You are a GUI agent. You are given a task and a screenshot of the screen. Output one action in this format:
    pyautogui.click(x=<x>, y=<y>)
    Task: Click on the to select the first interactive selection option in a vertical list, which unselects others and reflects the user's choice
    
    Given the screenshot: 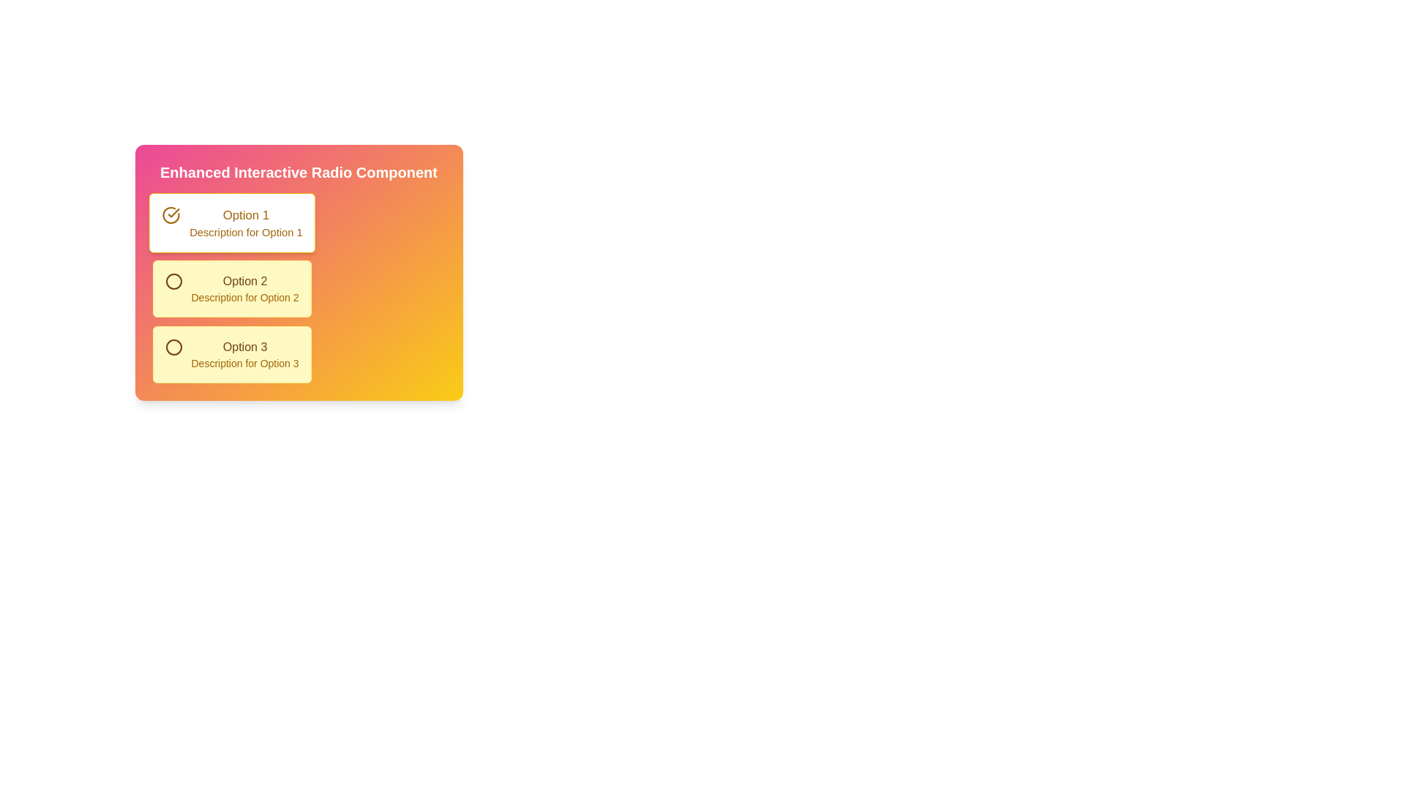 What is the action you would take?
    pyautogui.click(x=231, y=222)
    